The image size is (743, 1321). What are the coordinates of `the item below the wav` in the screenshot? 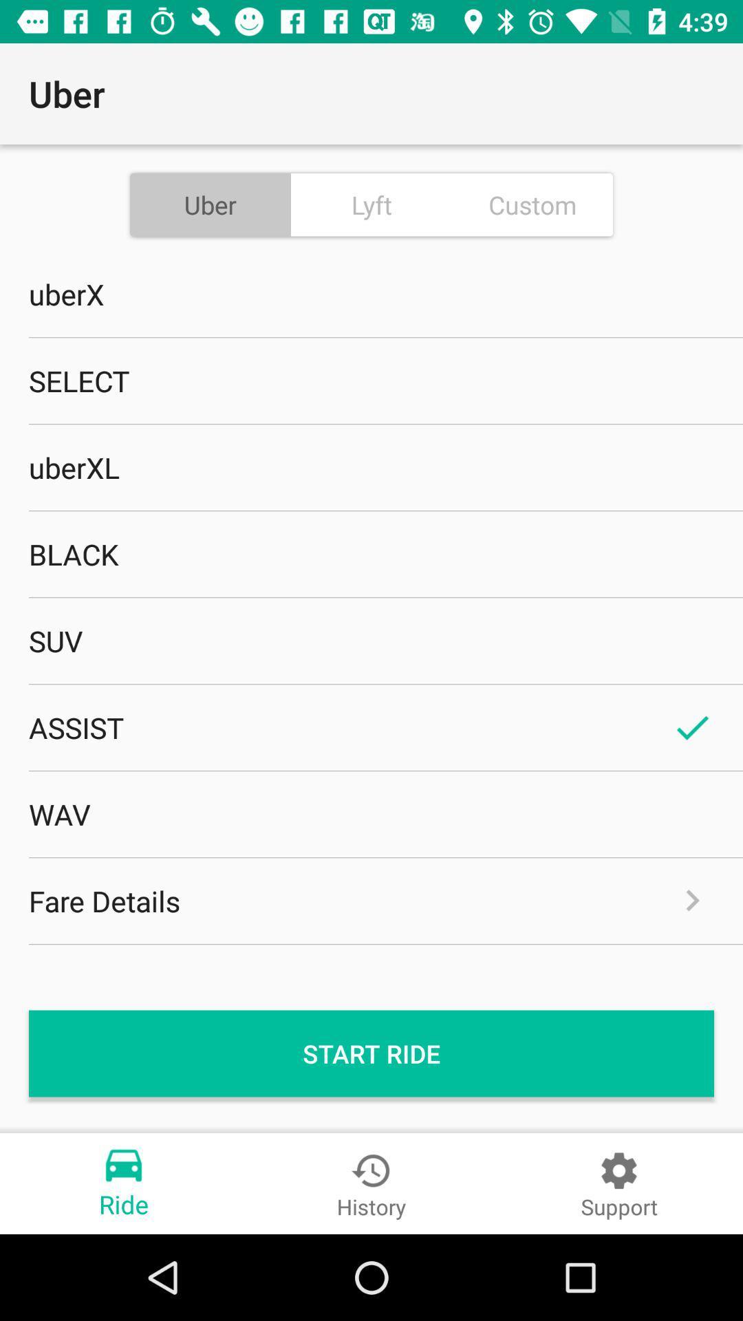 It's located at (371, 901).